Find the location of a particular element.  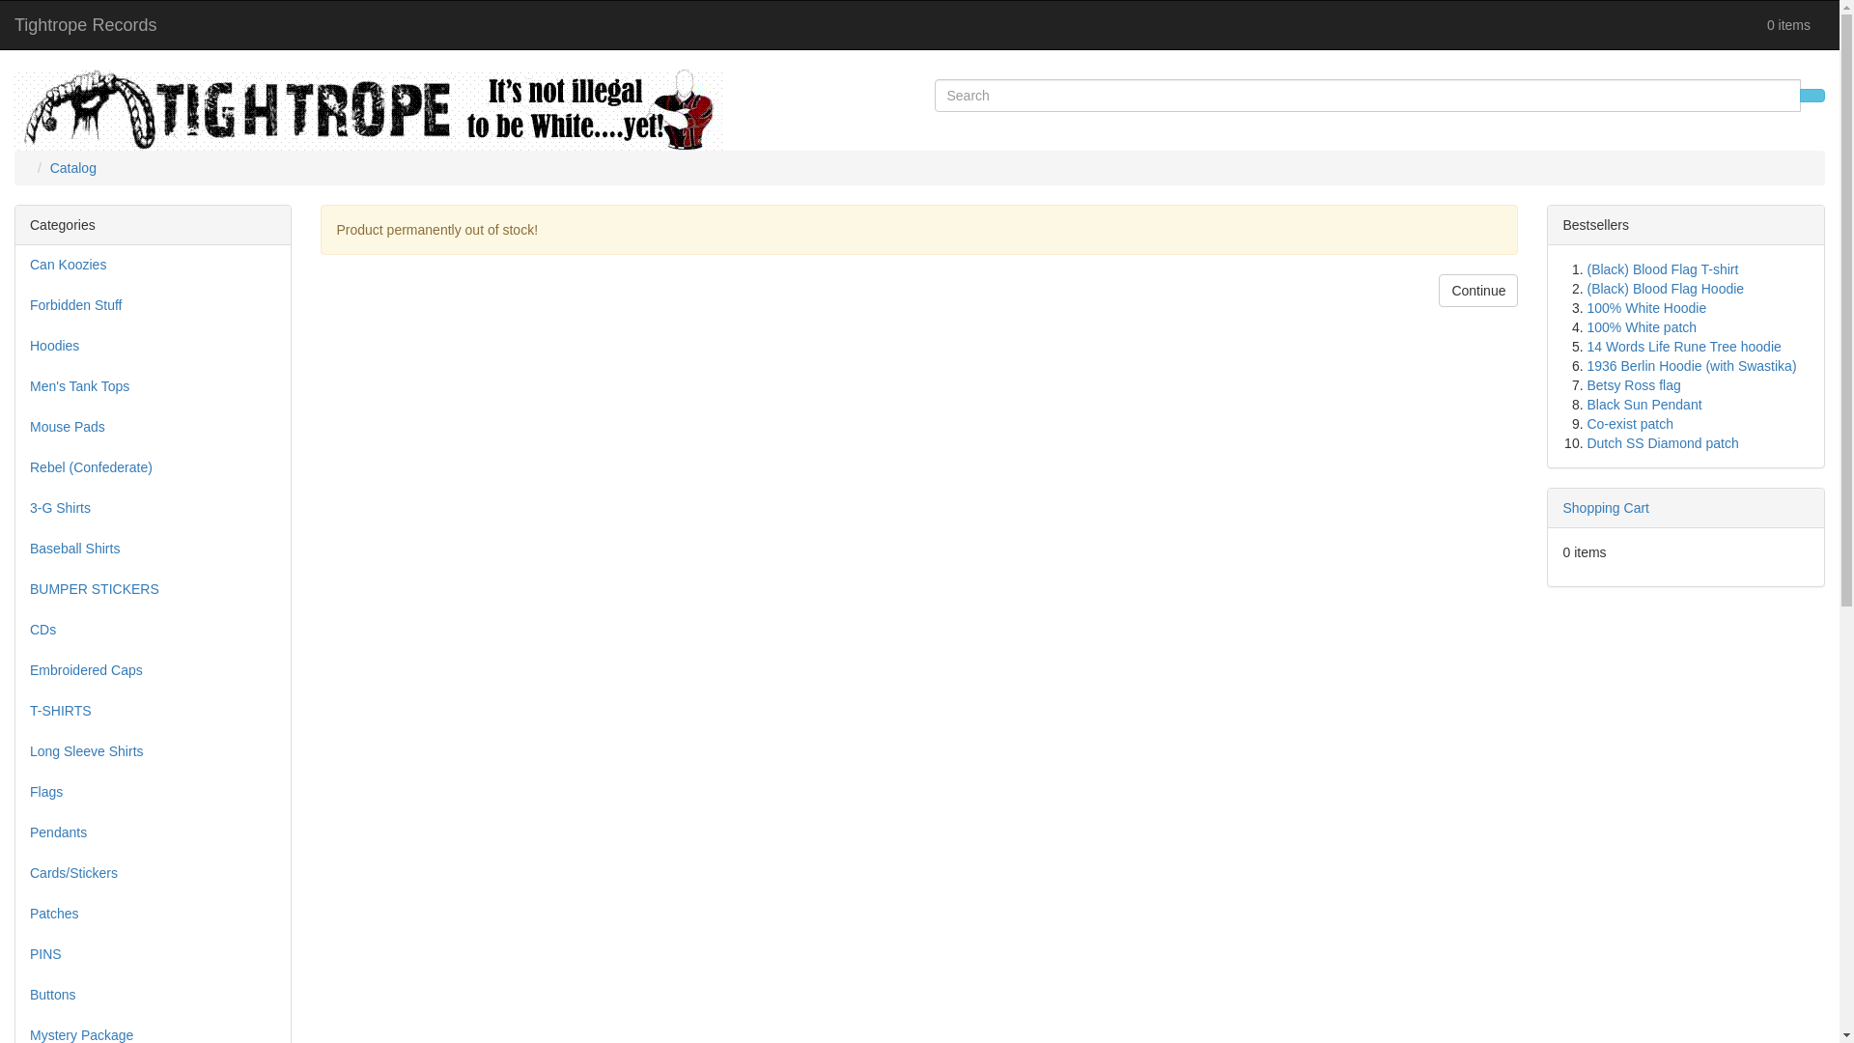

'Rebel (Confederate)' is located at coordinates (152, 466).